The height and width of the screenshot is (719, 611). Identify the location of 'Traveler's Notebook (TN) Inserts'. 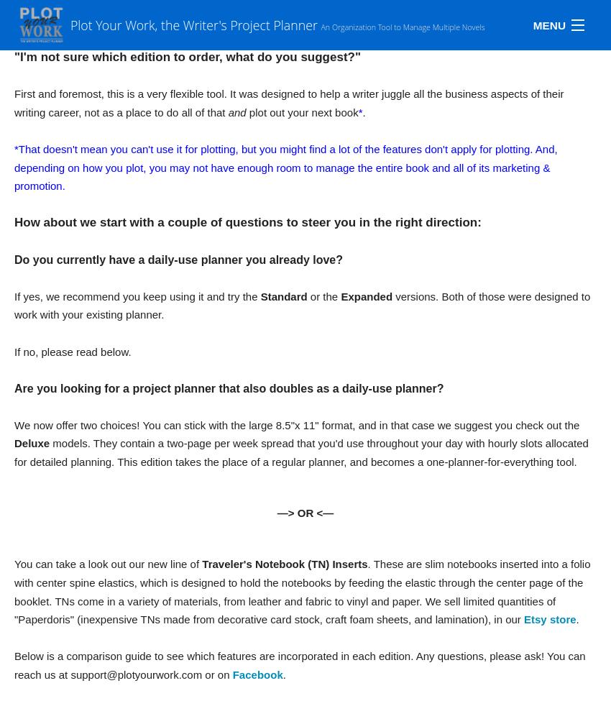
(201, 564).